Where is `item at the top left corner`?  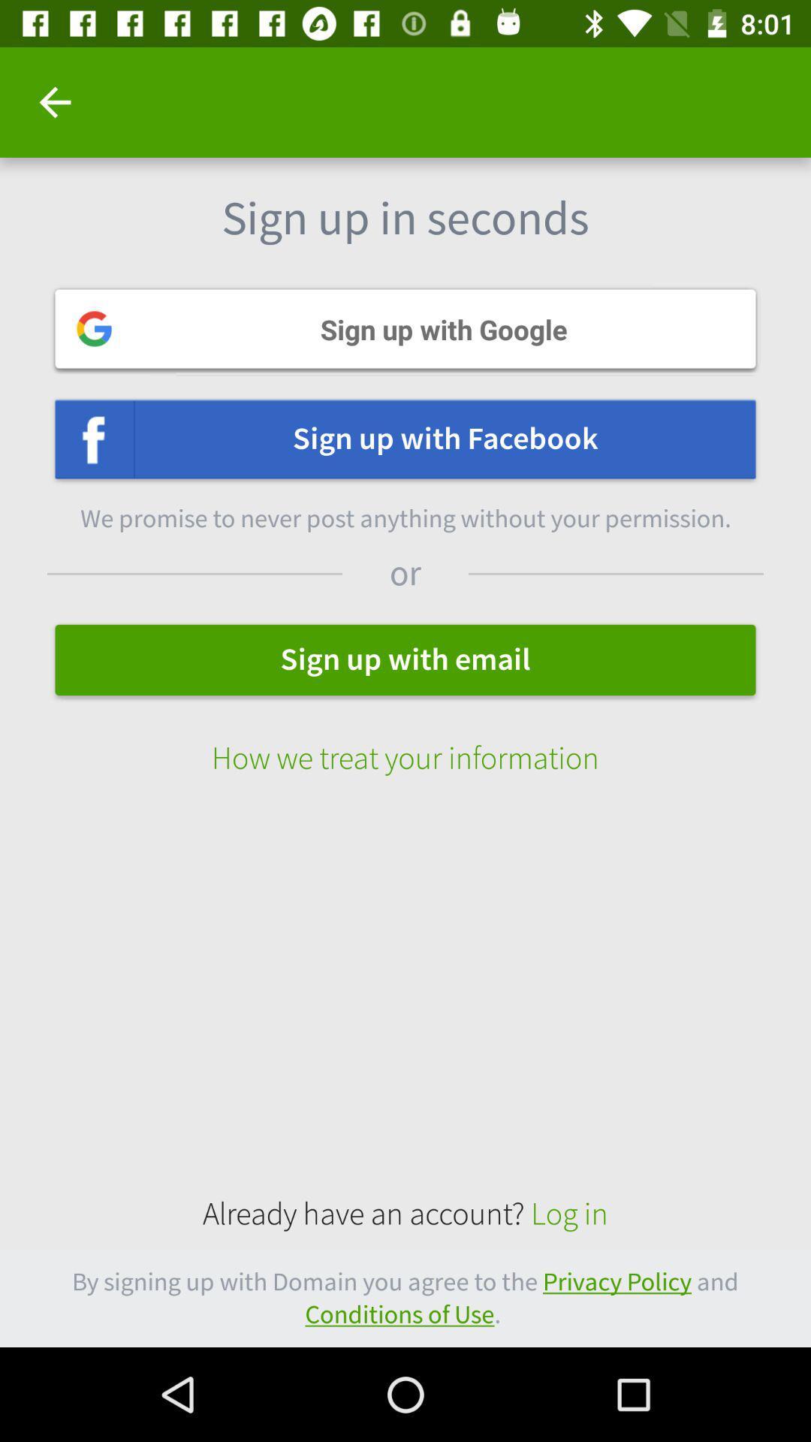
item at the top left corner is located at coordinates (54, 101).